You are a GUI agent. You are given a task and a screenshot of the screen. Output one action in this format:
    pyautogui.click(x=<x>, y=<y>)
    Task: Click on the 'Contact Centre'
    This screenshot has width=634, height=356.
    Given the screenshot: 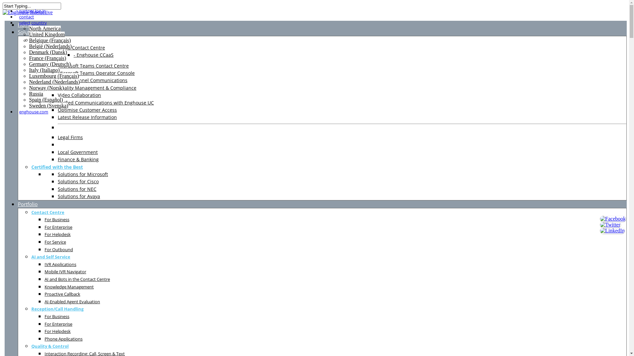 What is the action you would take?
    pyautogui.click(x=47, y=212)
    